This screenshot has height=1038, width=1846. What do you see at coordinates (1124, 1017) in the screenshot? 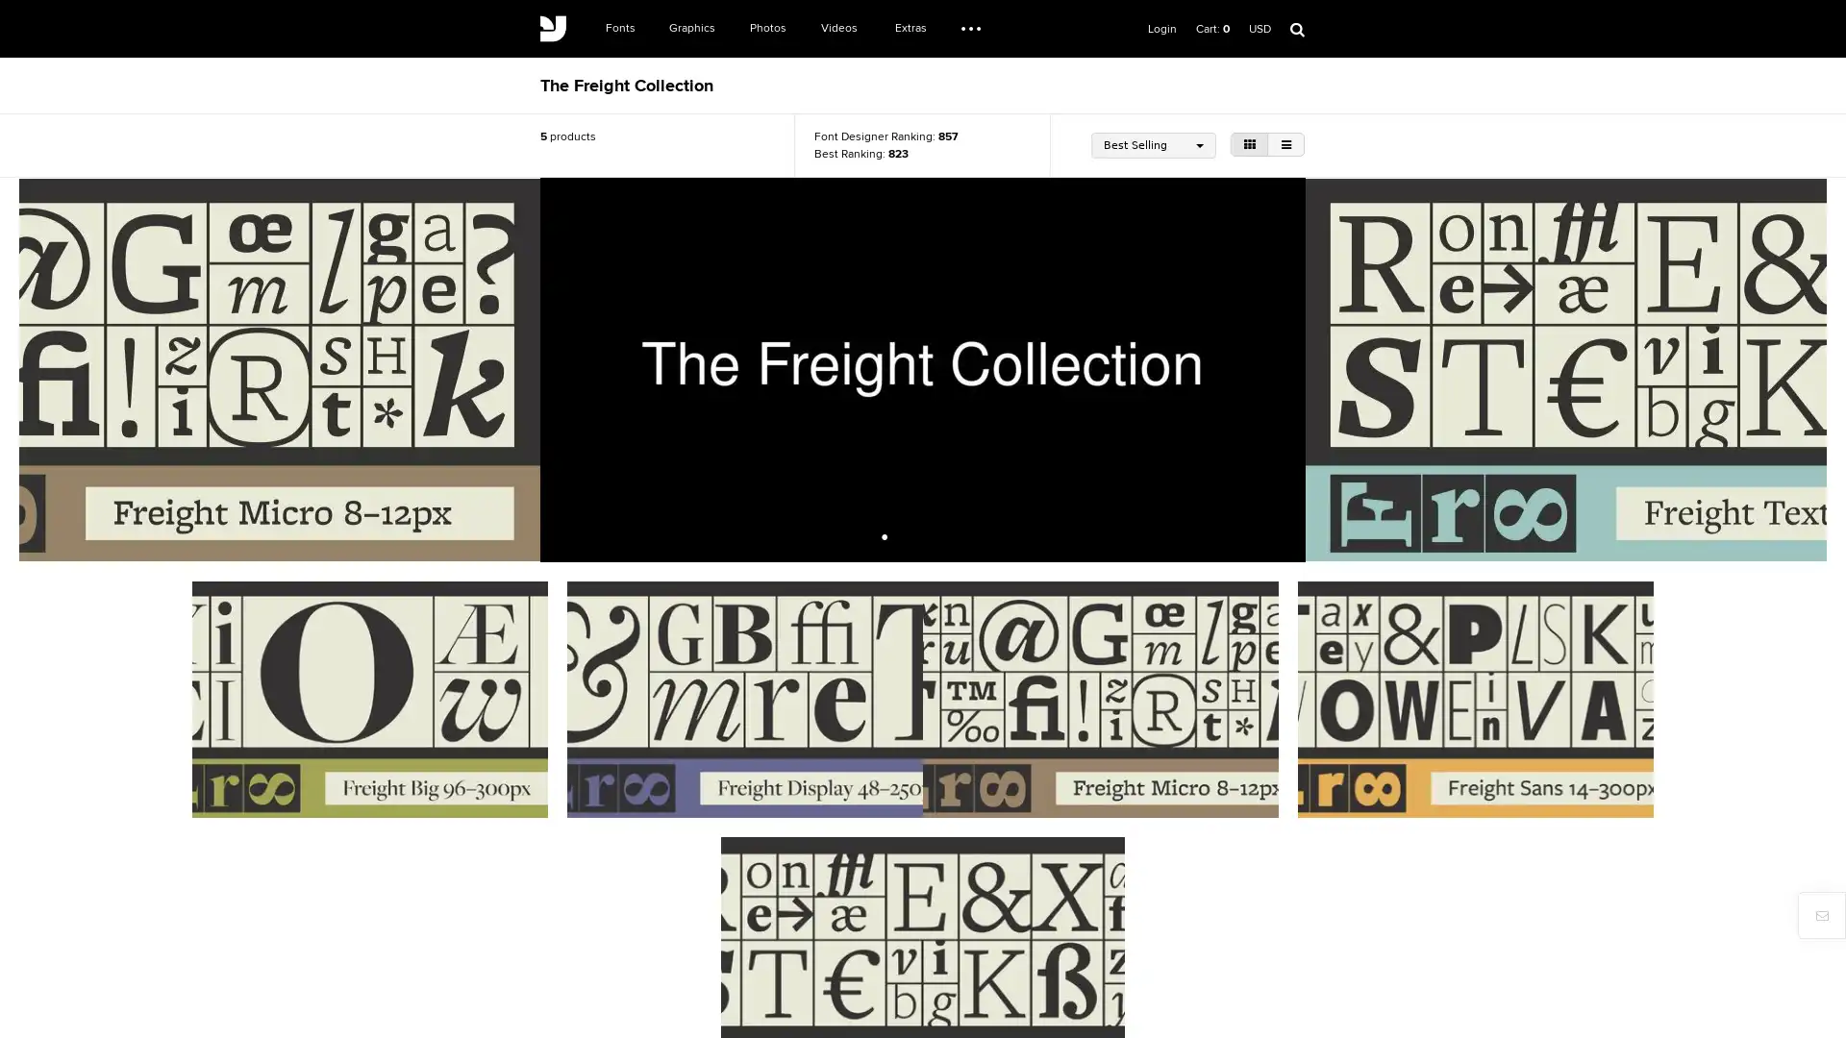
I see `Register` at bounding box center [1124, 1017].